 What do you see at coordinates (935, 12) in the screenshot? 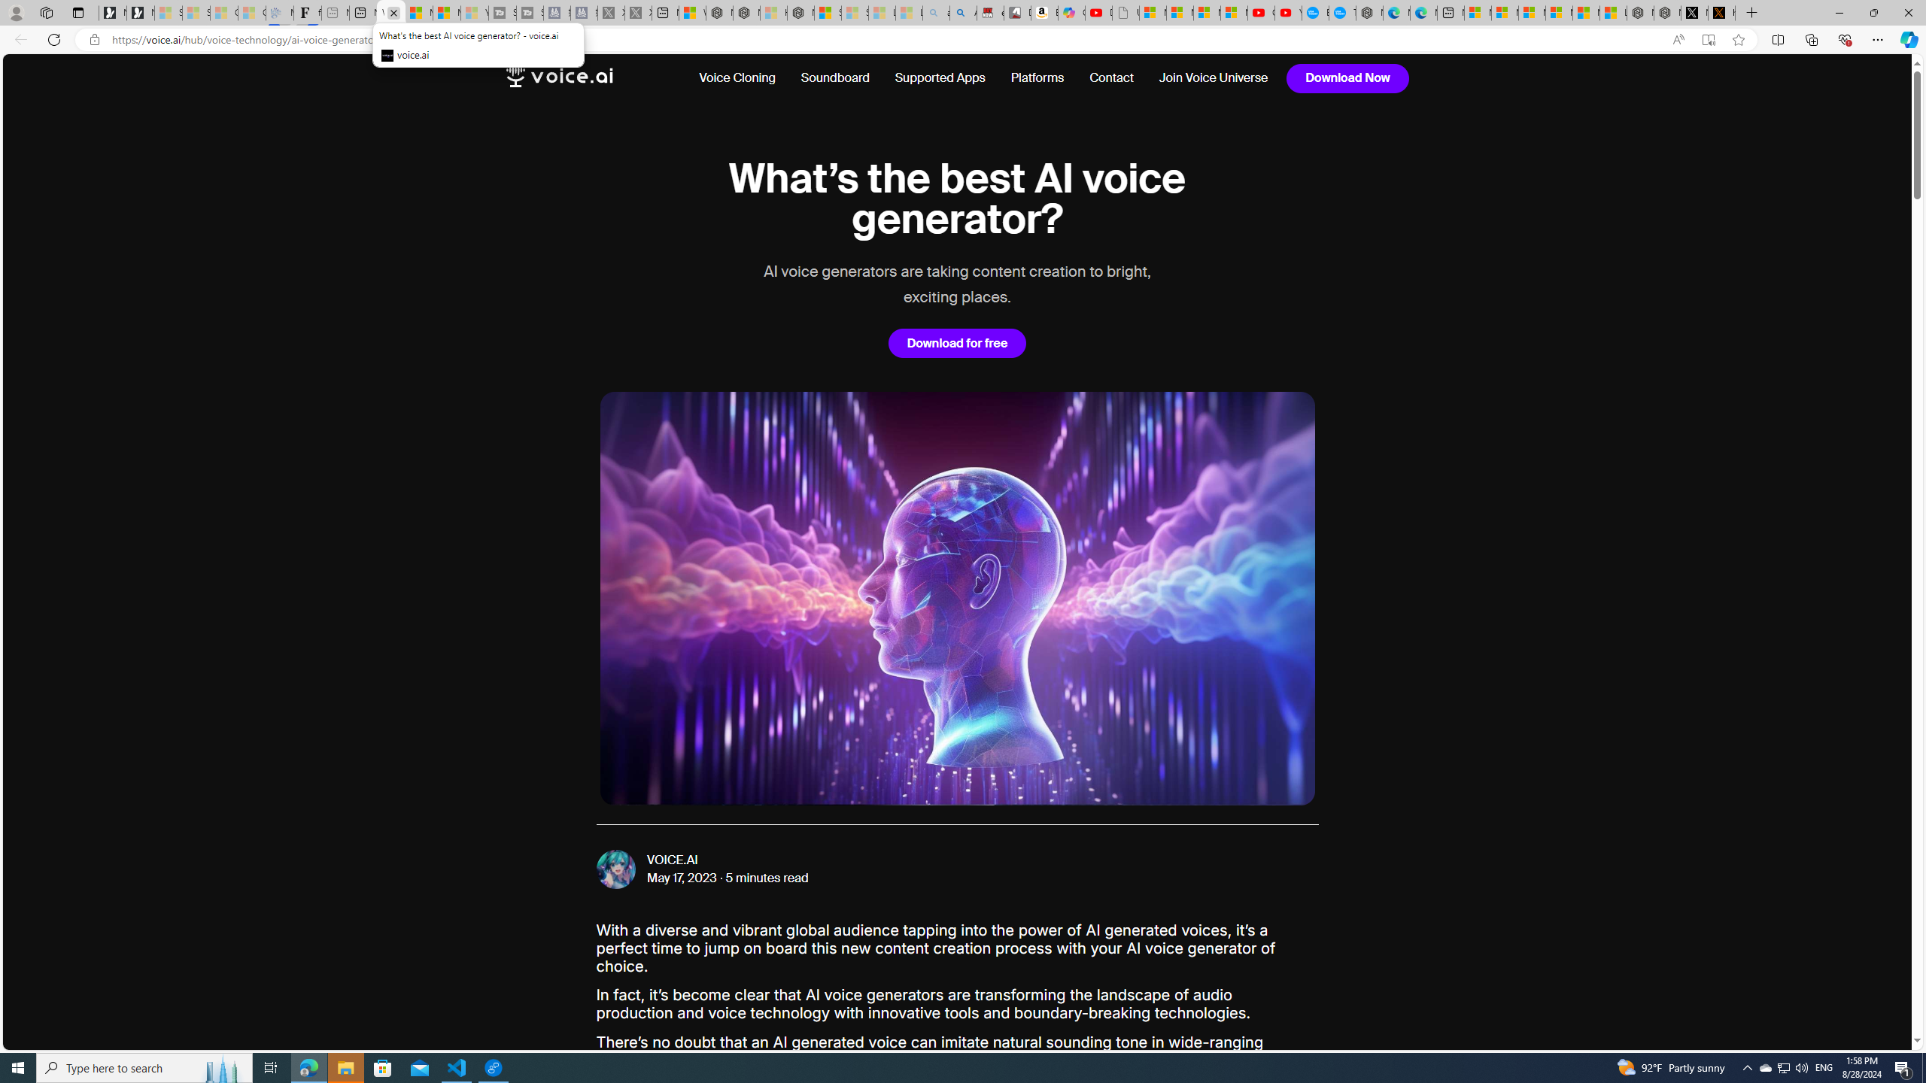
I see `'amazon - Search - Sleeping'` at bounding box center [935, 12].